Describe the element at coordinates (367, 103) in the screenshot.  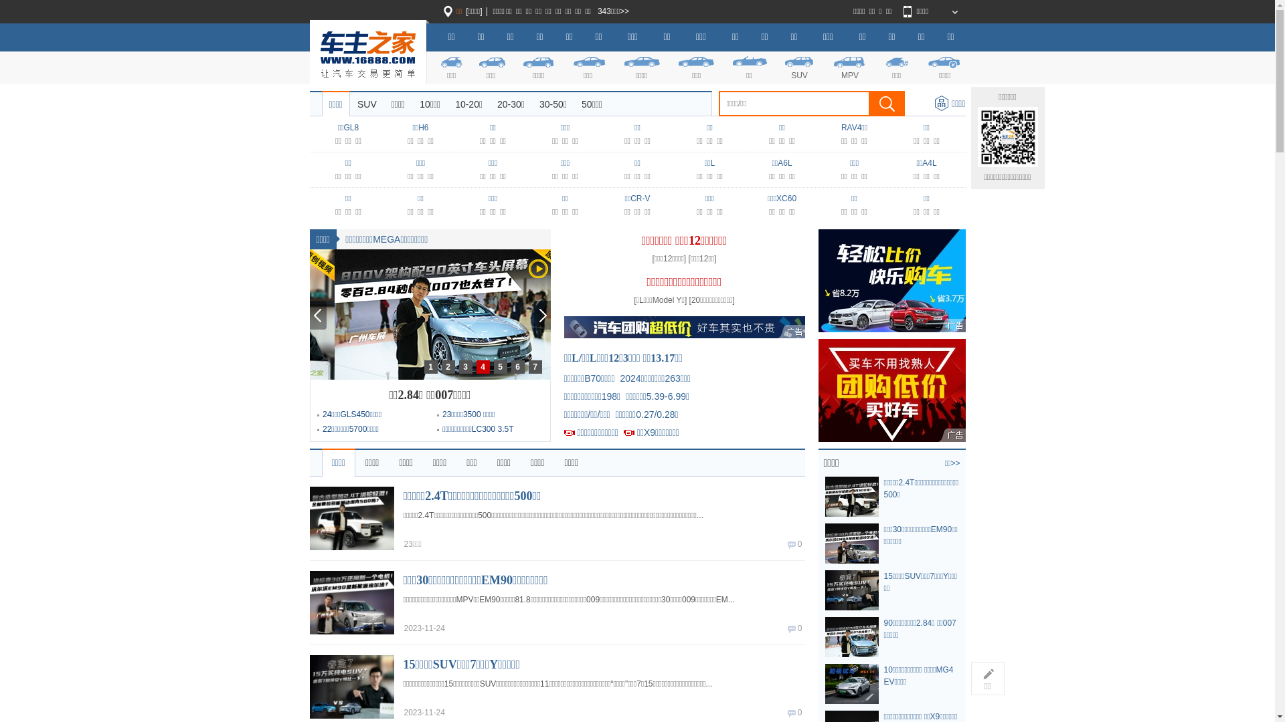
I see `'SUV'` at that location.